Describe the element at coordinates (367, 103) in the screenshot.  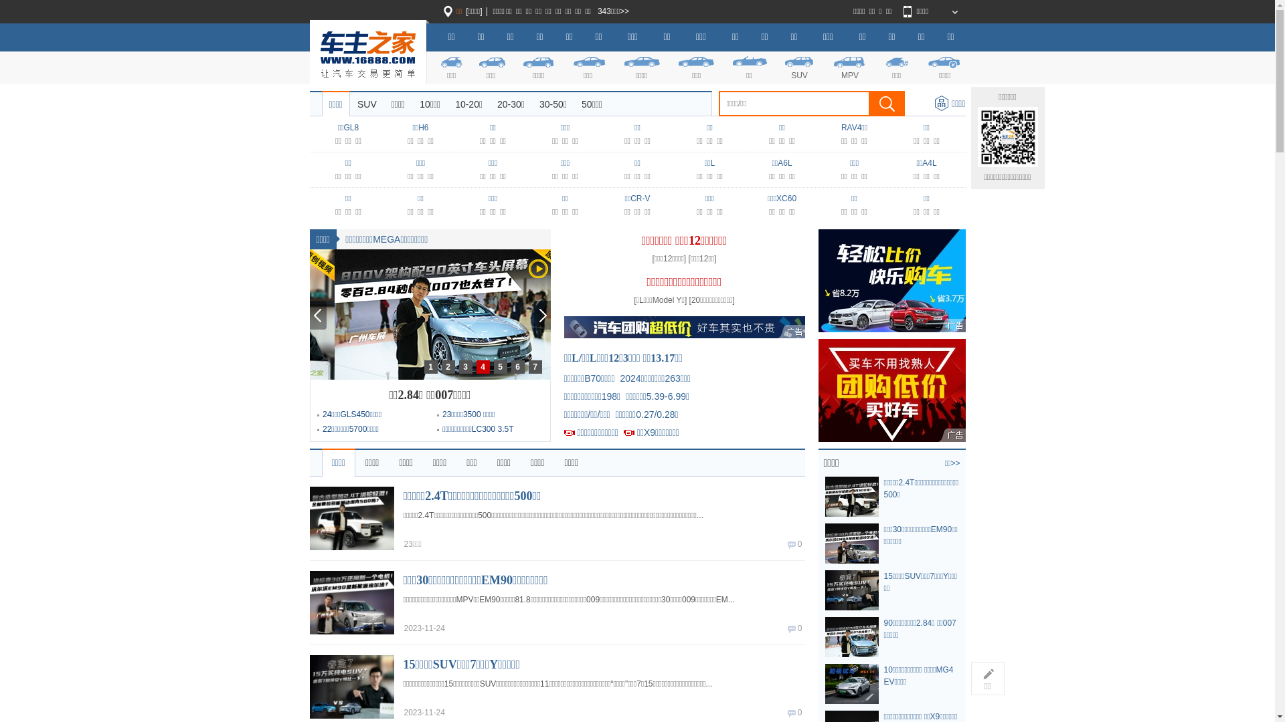
I see `'SUV'` at that location.